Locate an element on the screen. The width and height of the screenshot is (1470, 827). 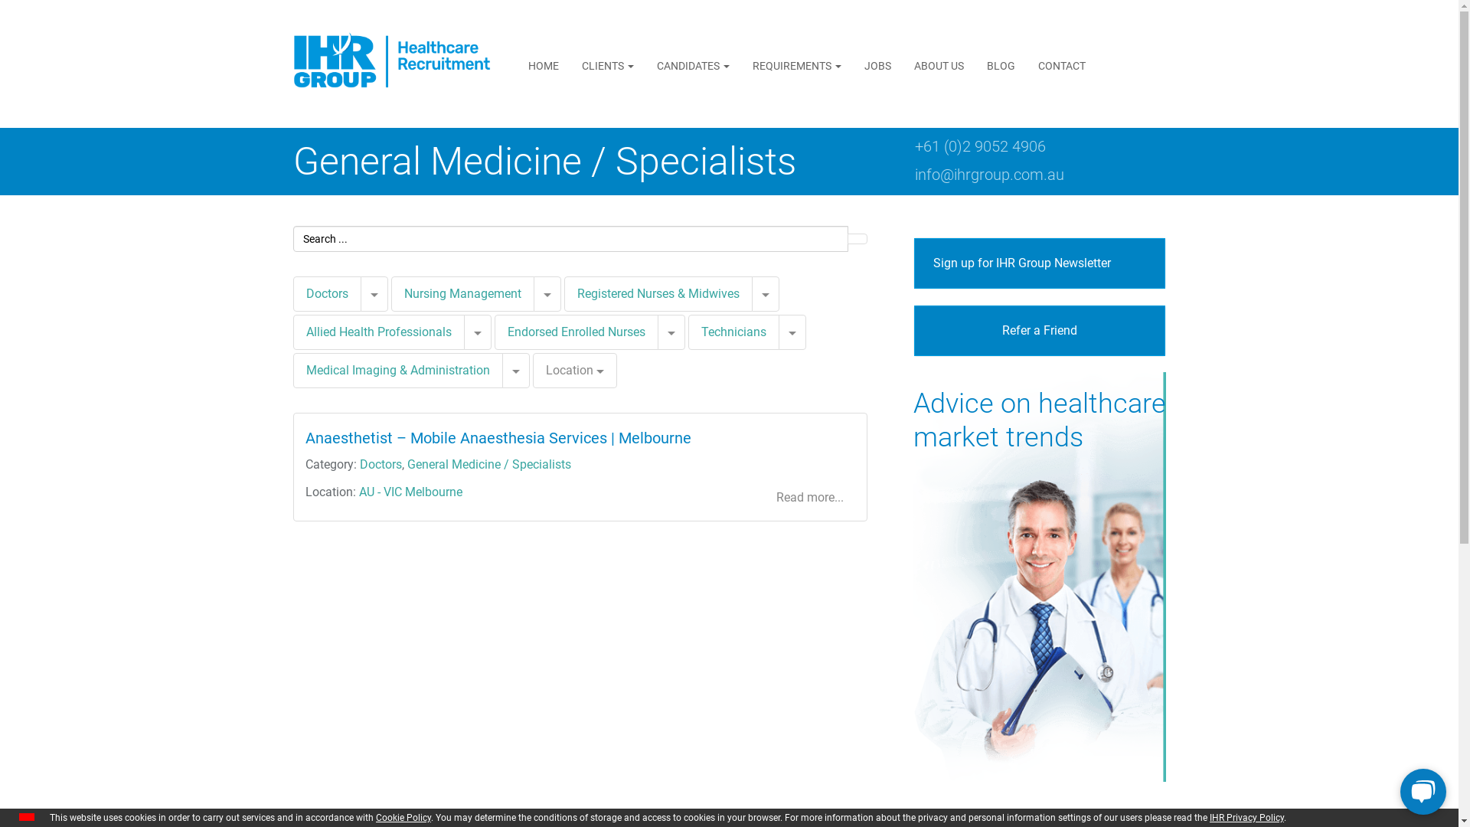
'Toggle Dropdown' is located at coordinates (515, 370).